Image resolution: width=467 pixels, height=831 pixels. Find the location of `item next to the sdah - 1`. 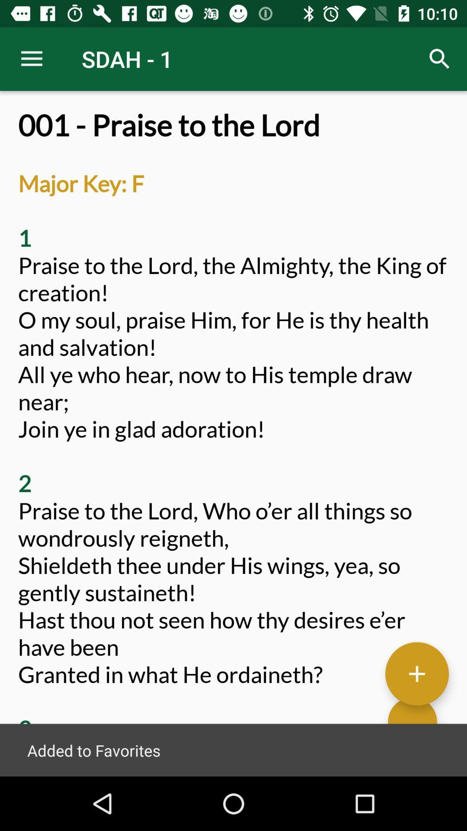

item next to the sdah - 1 is located at coordinates (31, 58).